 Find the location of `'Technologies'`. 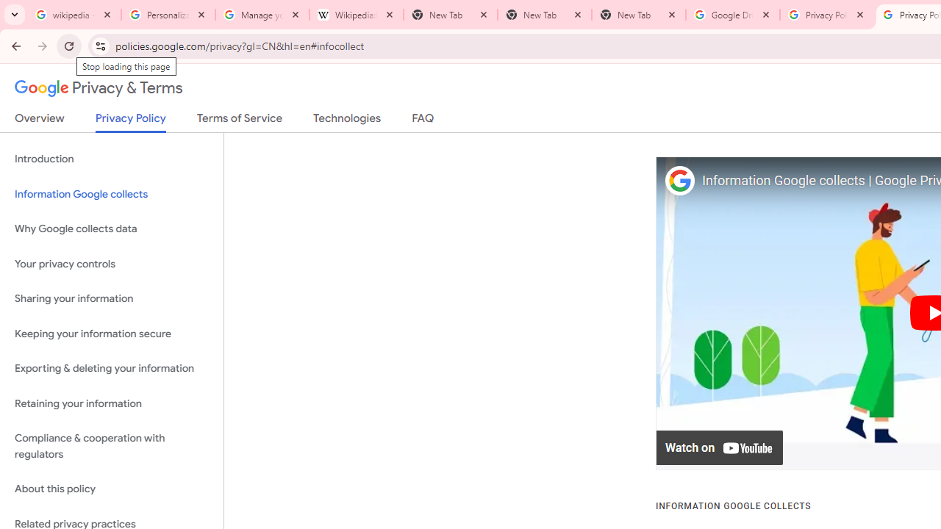

'Technologies' is located at coordinates (346, 120).